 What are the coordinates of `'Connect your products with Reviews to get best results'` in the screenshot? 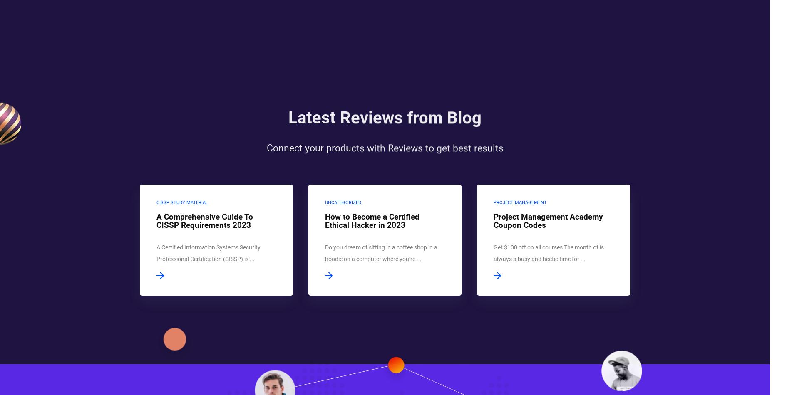 It's located at (385, 159).